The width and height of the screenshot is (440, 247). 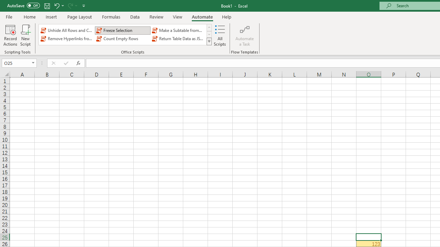 I want to click on 'Customize Quick Access Toolbar', so click(x=84, y=5).